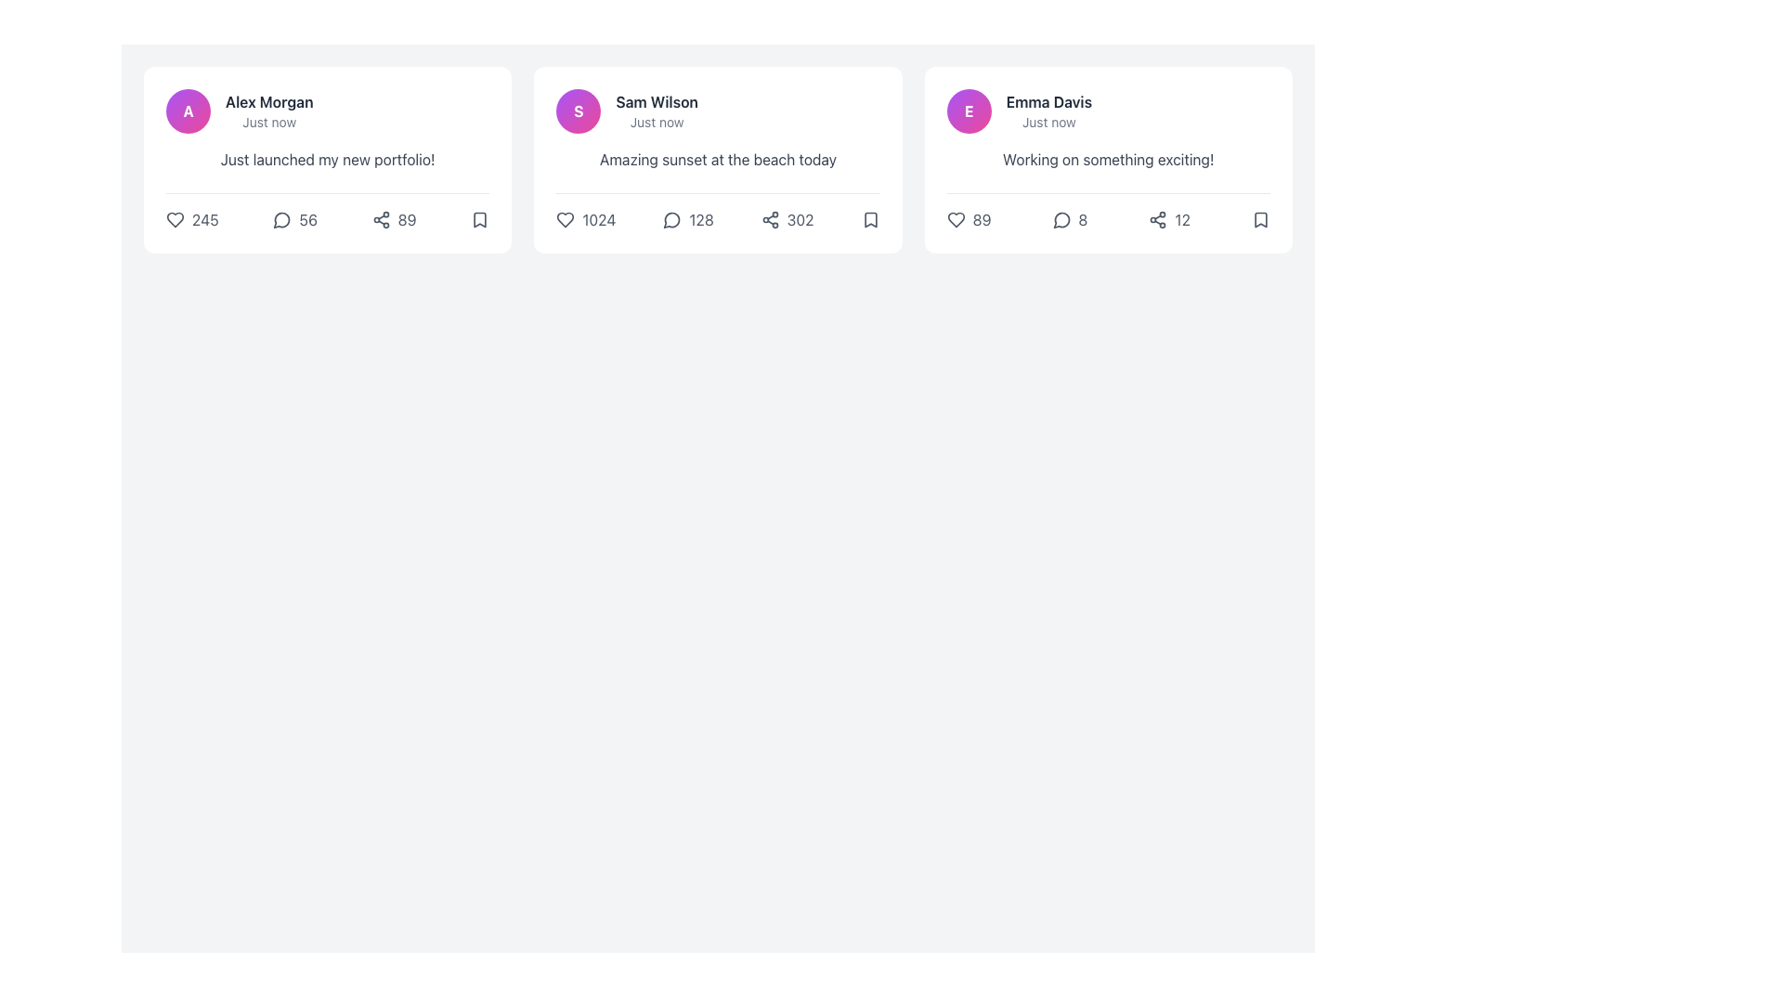  I want to click on the heart icon, which is a minimalist gray outline located to the left of the numerical value '89' in the social interaction toolbar of Emma Davis's post, so click(956, 218).